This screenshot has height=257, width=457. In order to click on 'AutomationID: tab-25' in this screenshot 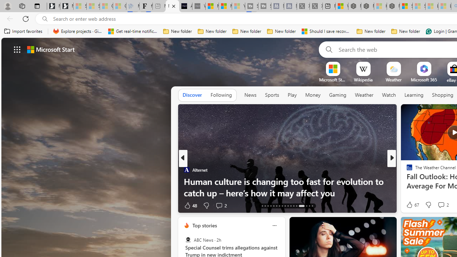, I will do `click(285, 206)`.